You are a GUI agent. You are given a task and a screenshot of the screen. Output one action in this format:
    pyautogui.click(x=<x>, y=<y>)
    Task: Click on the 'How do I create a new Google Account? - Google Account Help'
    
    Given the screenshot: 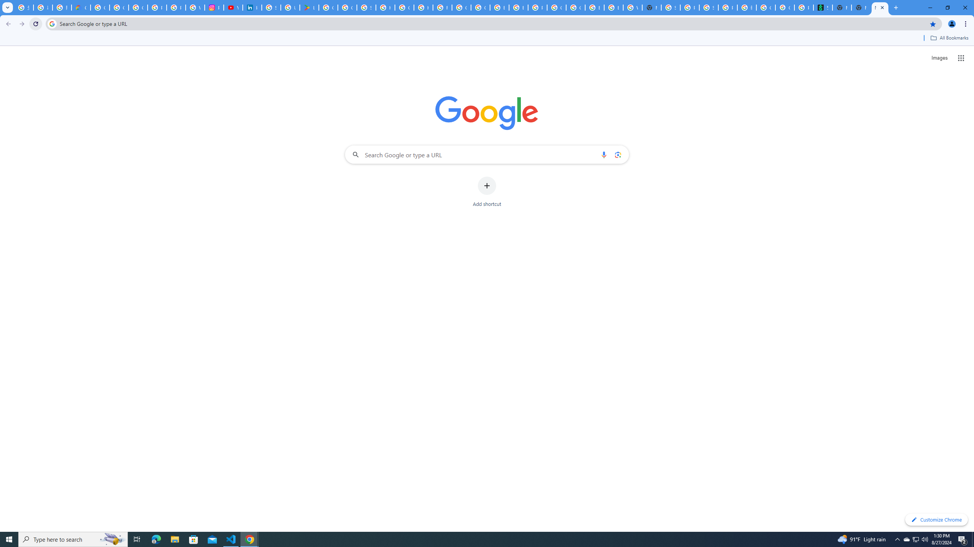 What is the action you would take?
    pyautogui.click(x=423, y=7)
    